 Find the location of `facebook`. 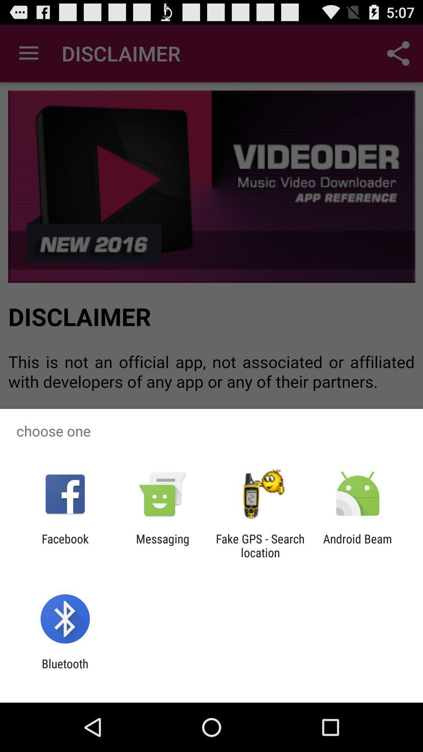

facebook is located at coordinates (65, 545).